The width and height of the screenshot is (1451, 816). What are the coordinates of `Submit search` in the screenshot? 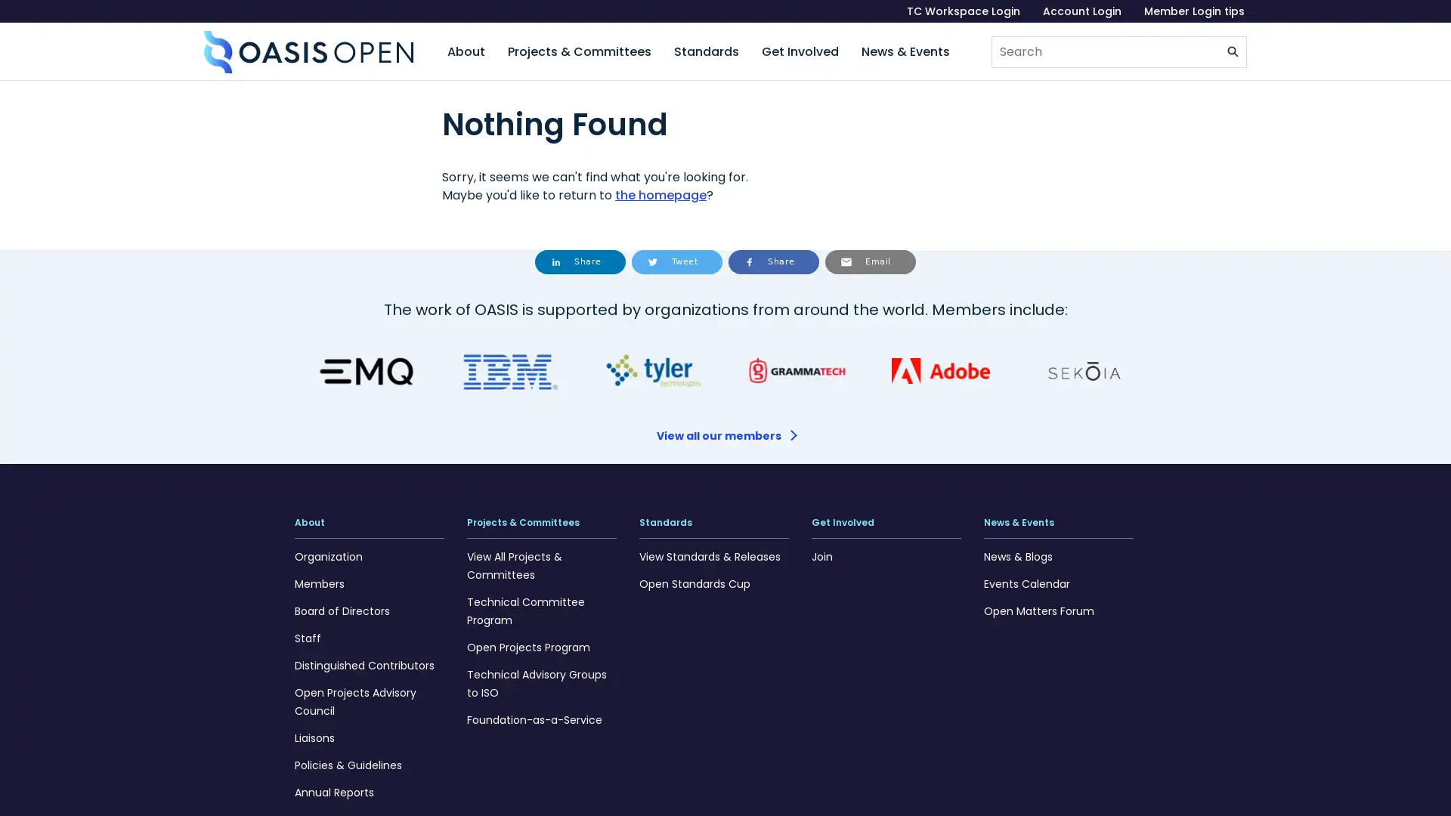 It's located at (1233, 51).